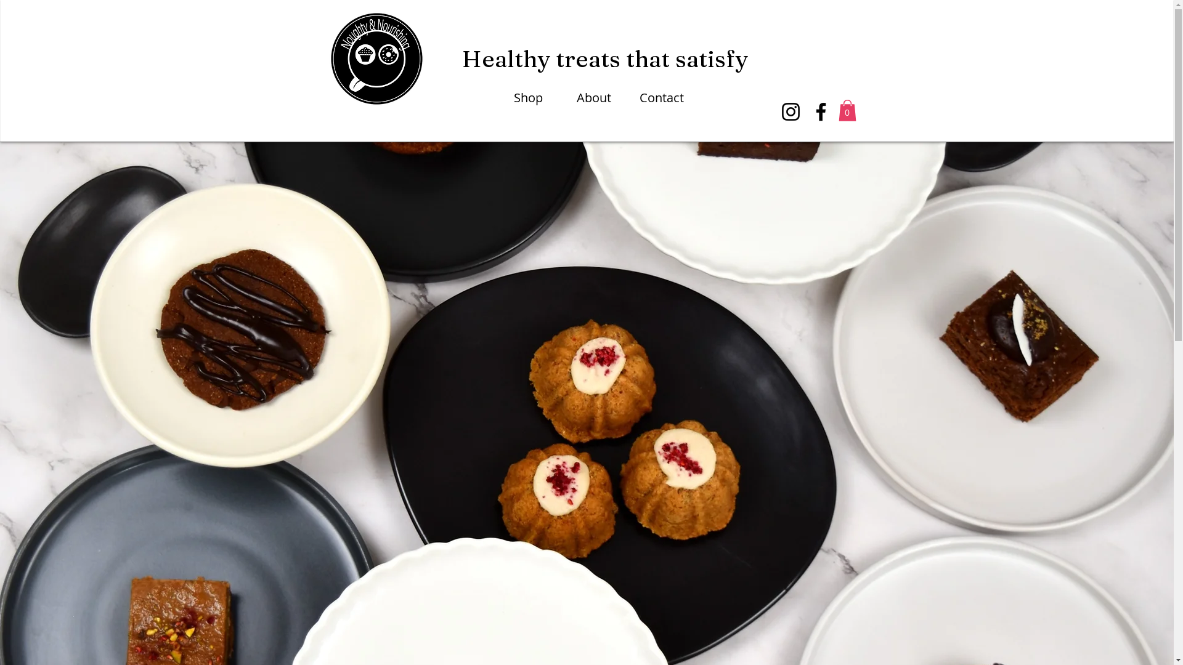 The image size is (1183, 665). What do you see at coordinates (598, 97) in the screenshot?
I see `'About'` at bounding box center [598, 97].